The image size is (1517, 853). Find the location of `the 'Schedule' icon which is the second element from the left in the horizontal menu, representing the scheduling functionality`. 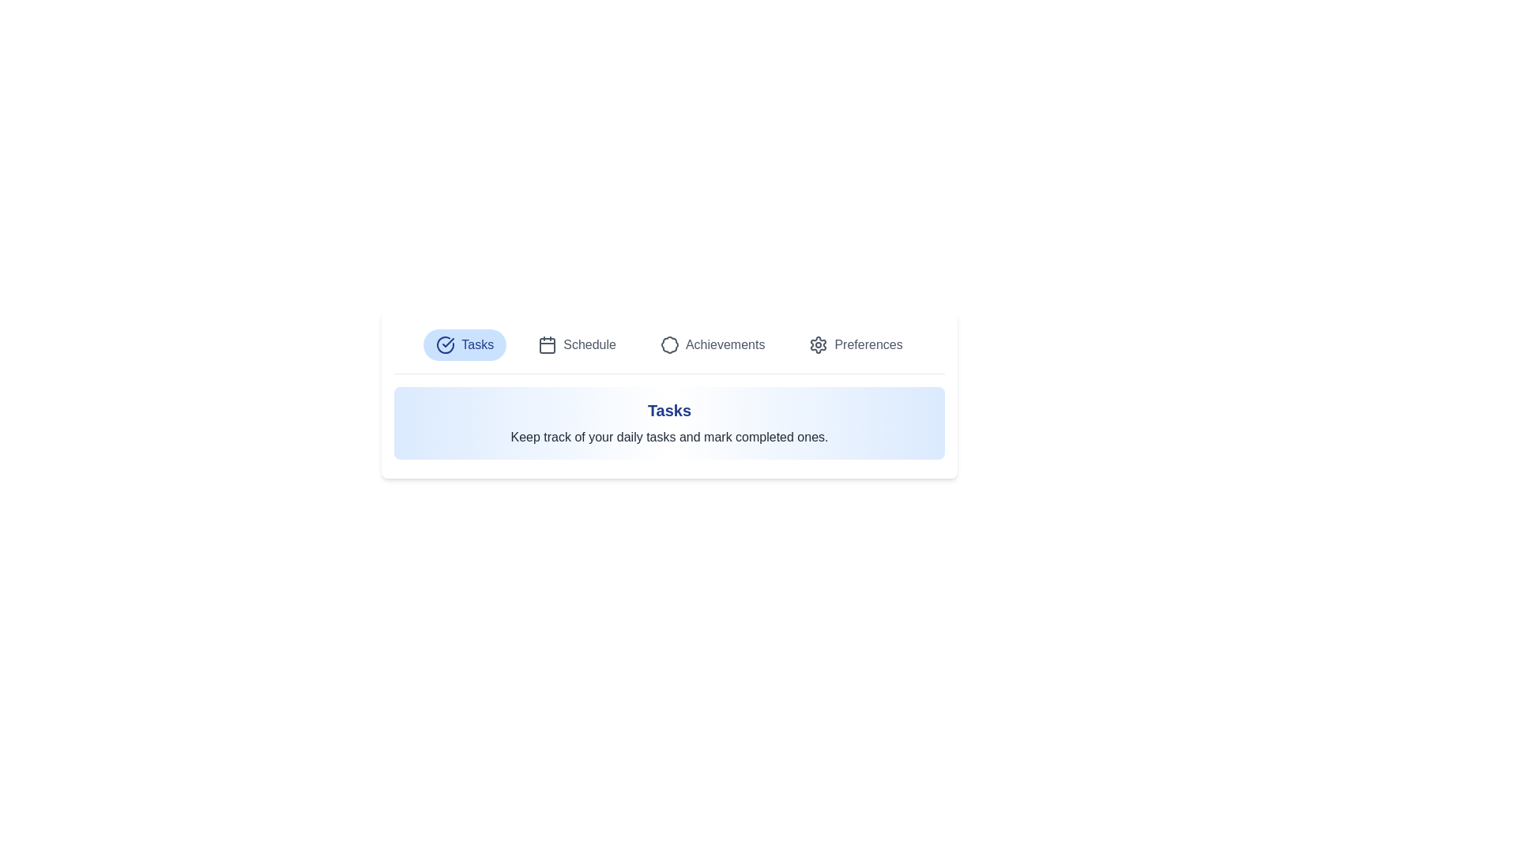

the 'Schedule' icon which is the second element from the left in the horizontal menu, representing the scheduling functionality is located at coordinates (548, 344).